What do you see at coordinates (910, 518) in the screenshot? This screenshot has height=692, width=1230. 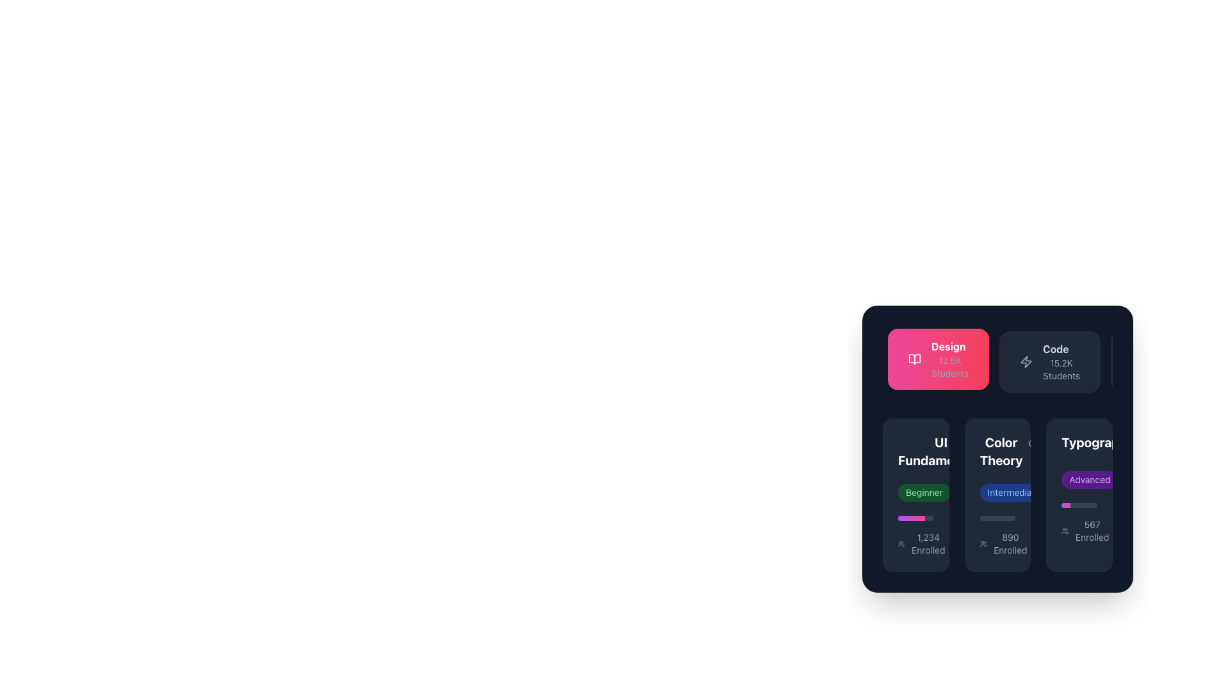 I see `the progress bar segment that is a rectangular shape with a gradient color transitioning from purple to pink, located within a rounded gray horizontal track, indicating a progress status` at bounding box center [910, 518].